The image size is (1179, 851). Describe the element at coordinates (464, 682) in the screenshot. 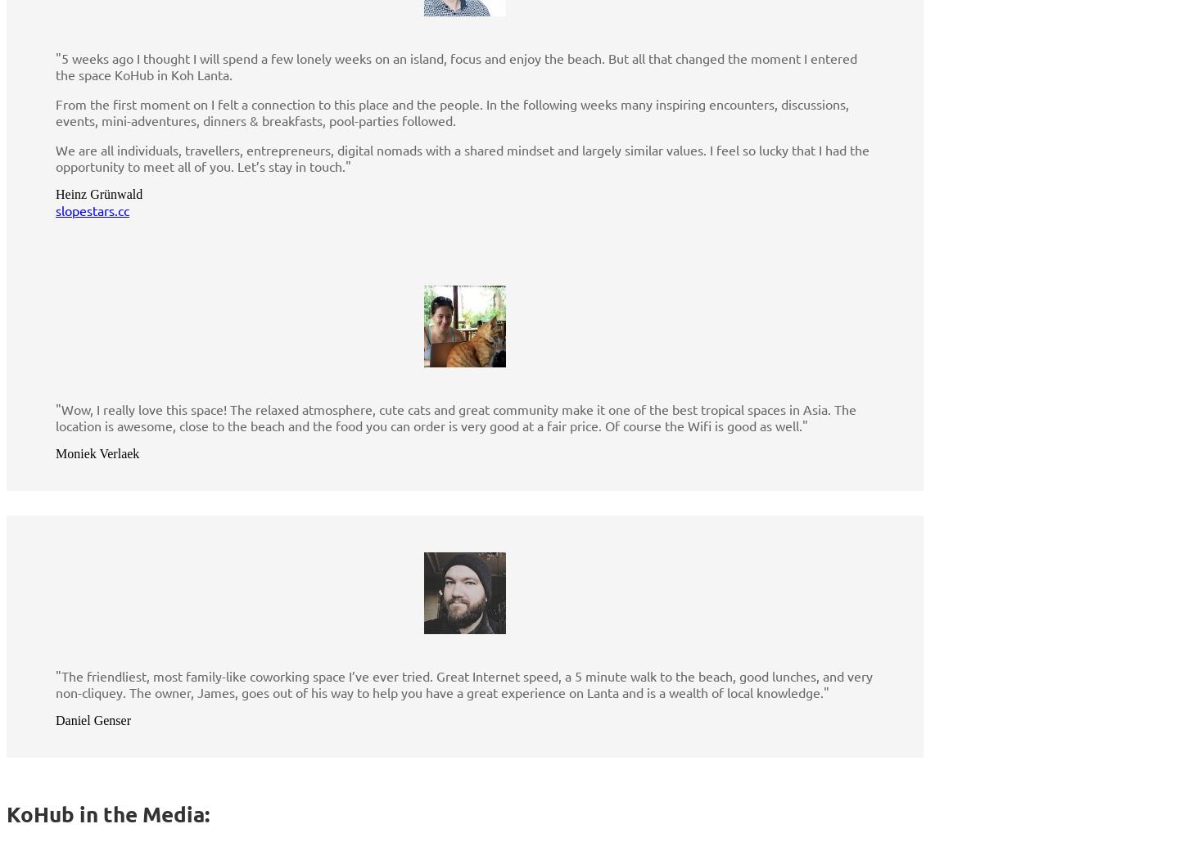

I see `'"The friendliest, most family-like coworking space I’ve ever tried. Great Internet speed, a 5 minute walk to the beach, good lunches, and very non-cliquey. The owner, James, goes out of his way to help you have a great experience on Lanta and is a wealth of local knowledge."'` at that location.